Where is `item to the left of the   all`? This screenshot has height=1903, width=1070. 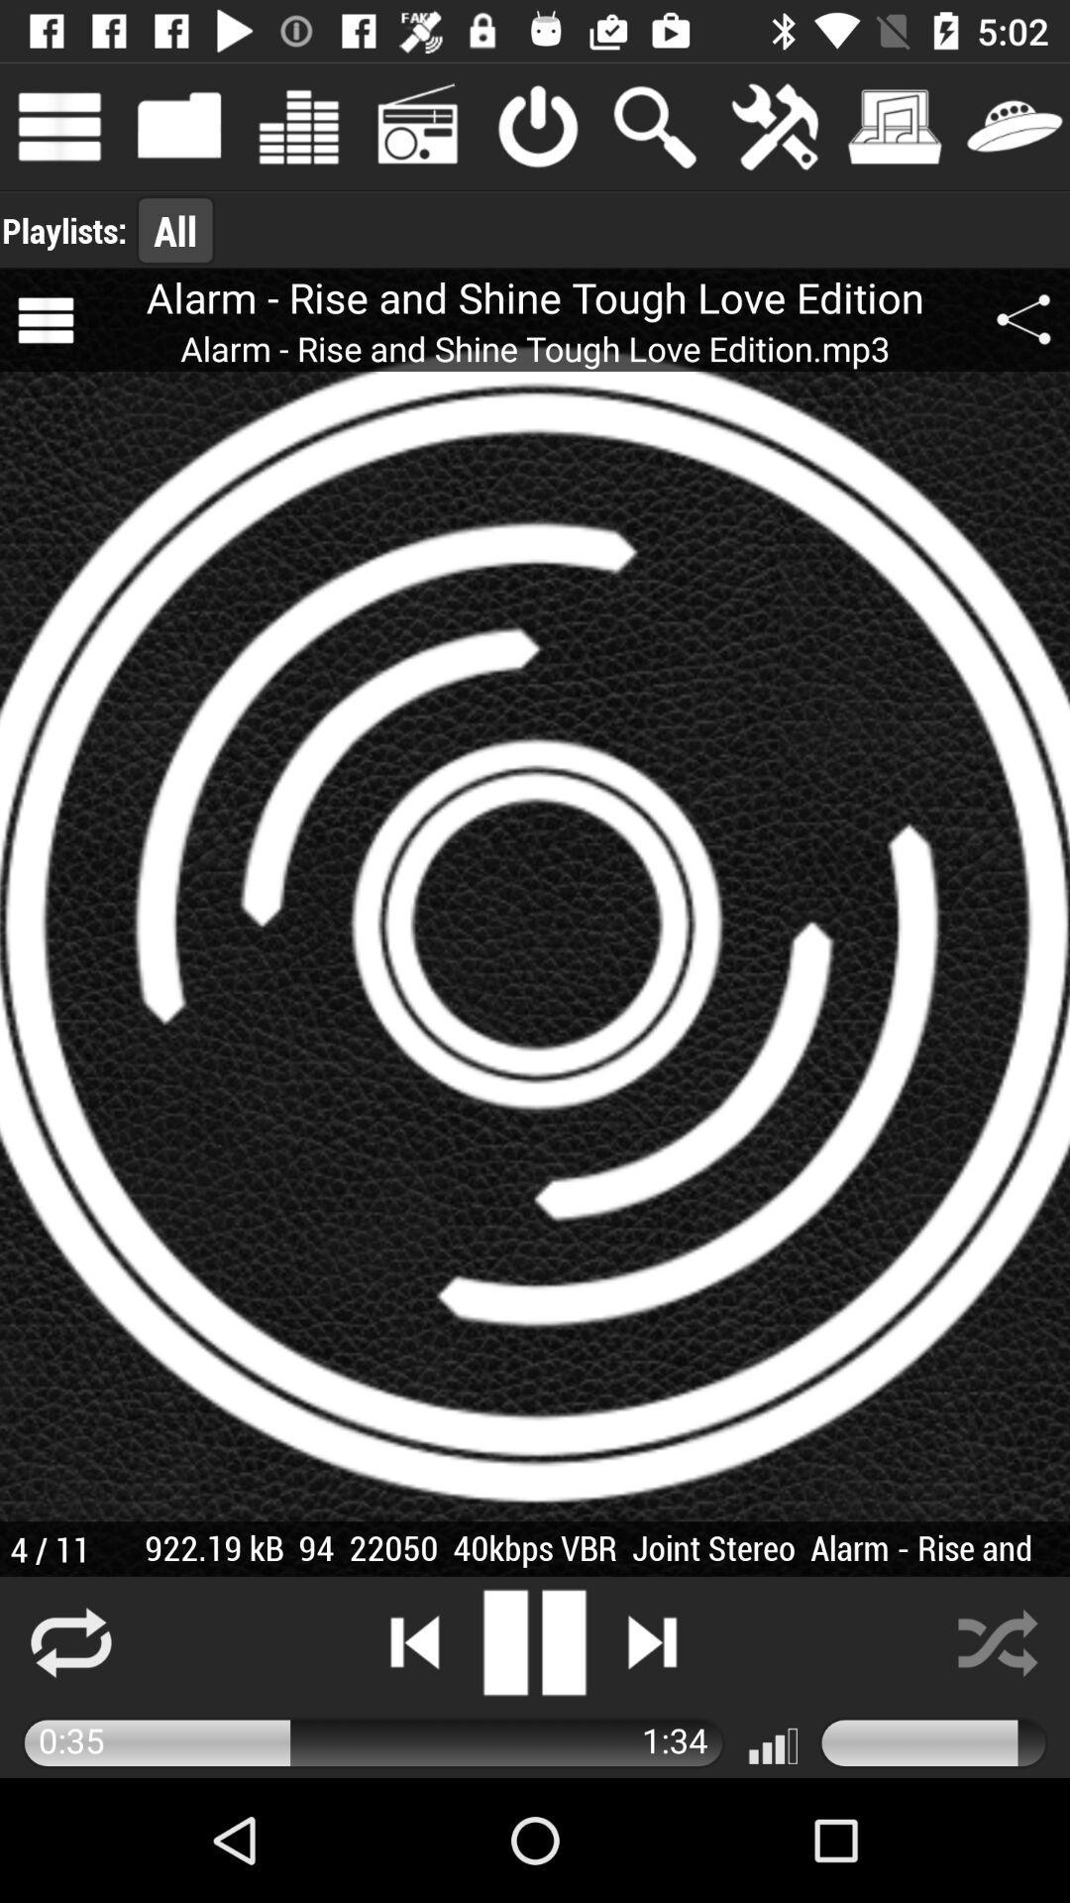
item to the left of the   all is located at coordinates (63, 230).